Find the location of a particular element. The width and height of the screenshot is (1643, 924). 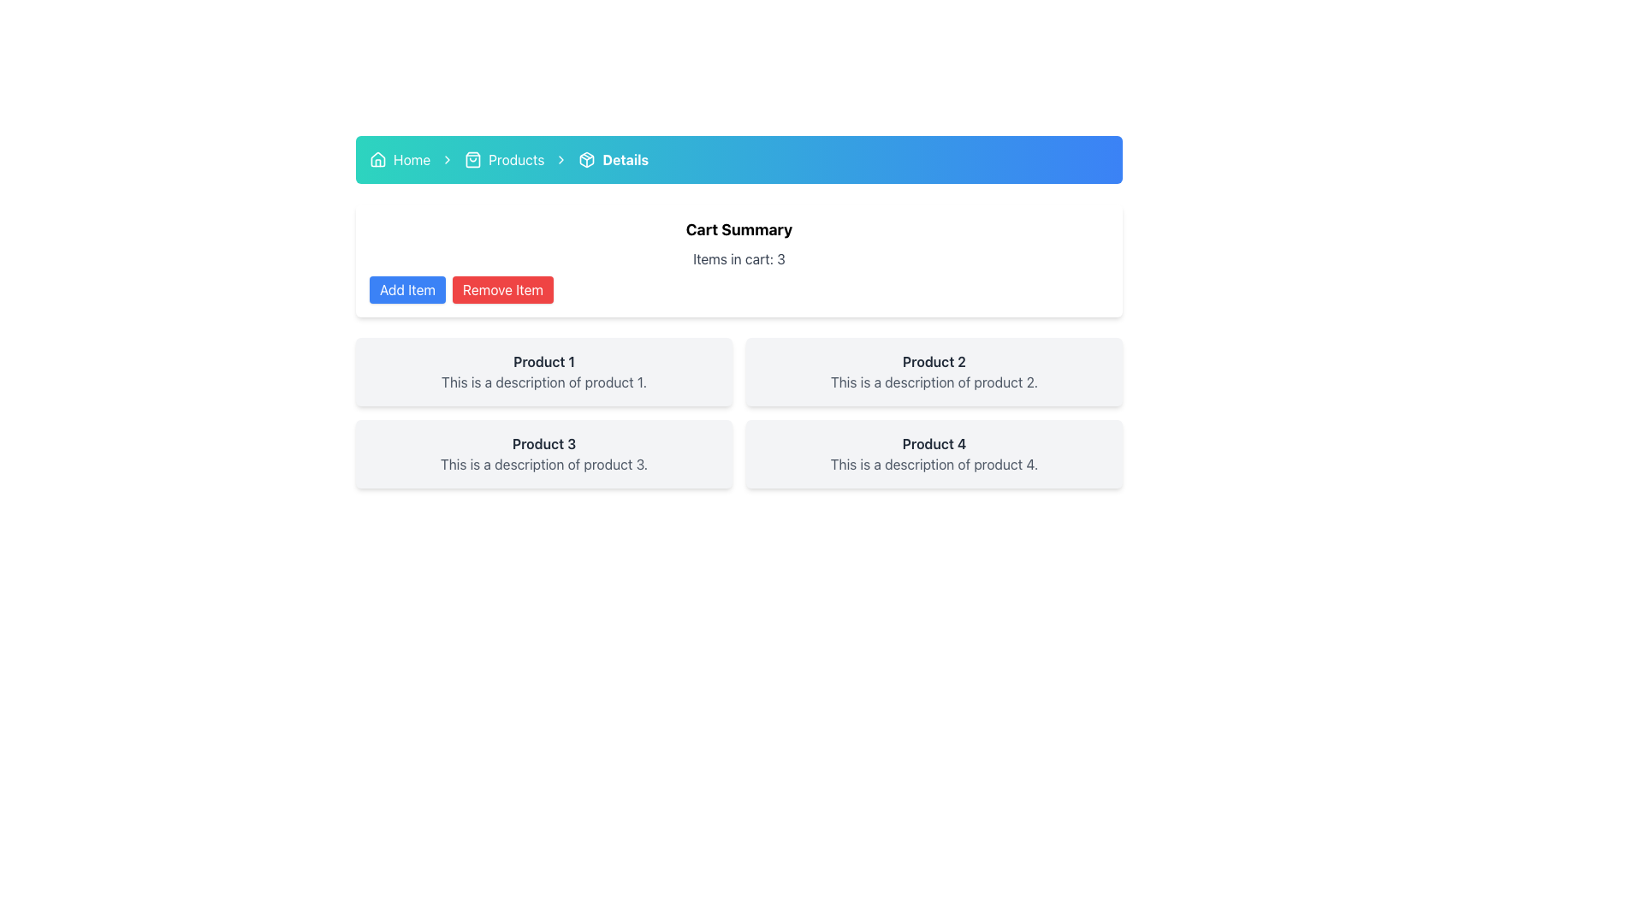

the house icon in the top navigation bar, which is styled with a line-drawing aesthetic and located immediately to the left of the 'Home' text is located at coordinates (377, 159).